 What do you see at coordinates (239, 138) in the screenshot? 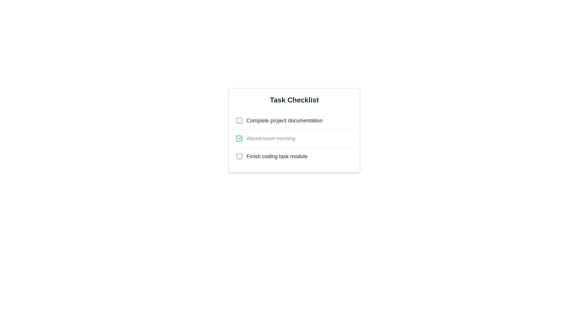
I see `the green checkbox with a check mark adjacent to 'Attend team meeting', which is the second item in the checklist interface` at bounding box center [239, 138].